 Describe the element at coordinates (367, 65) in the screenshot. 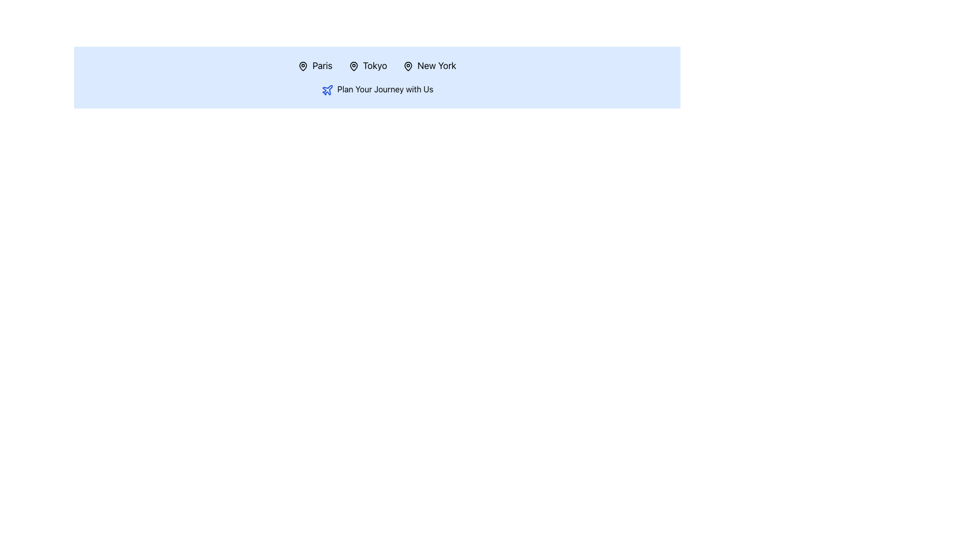

I see `the text label 'Tokyo', which is styled with an underlined hover effect, to trigger the underline effect` at that location.